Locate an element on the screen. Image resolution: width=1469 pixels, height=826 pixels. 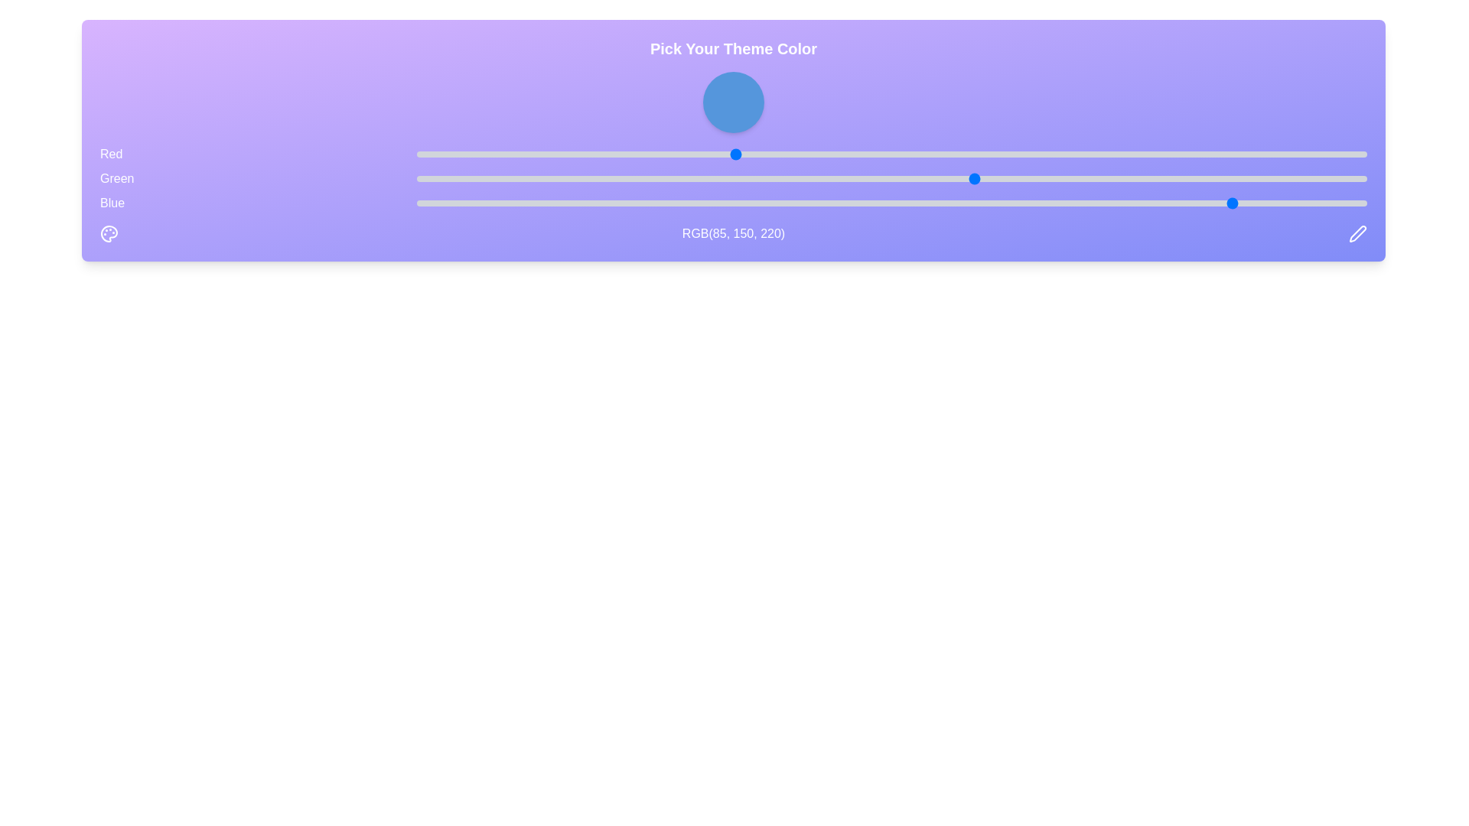
the Blue value is located at coordinates (923, 203).